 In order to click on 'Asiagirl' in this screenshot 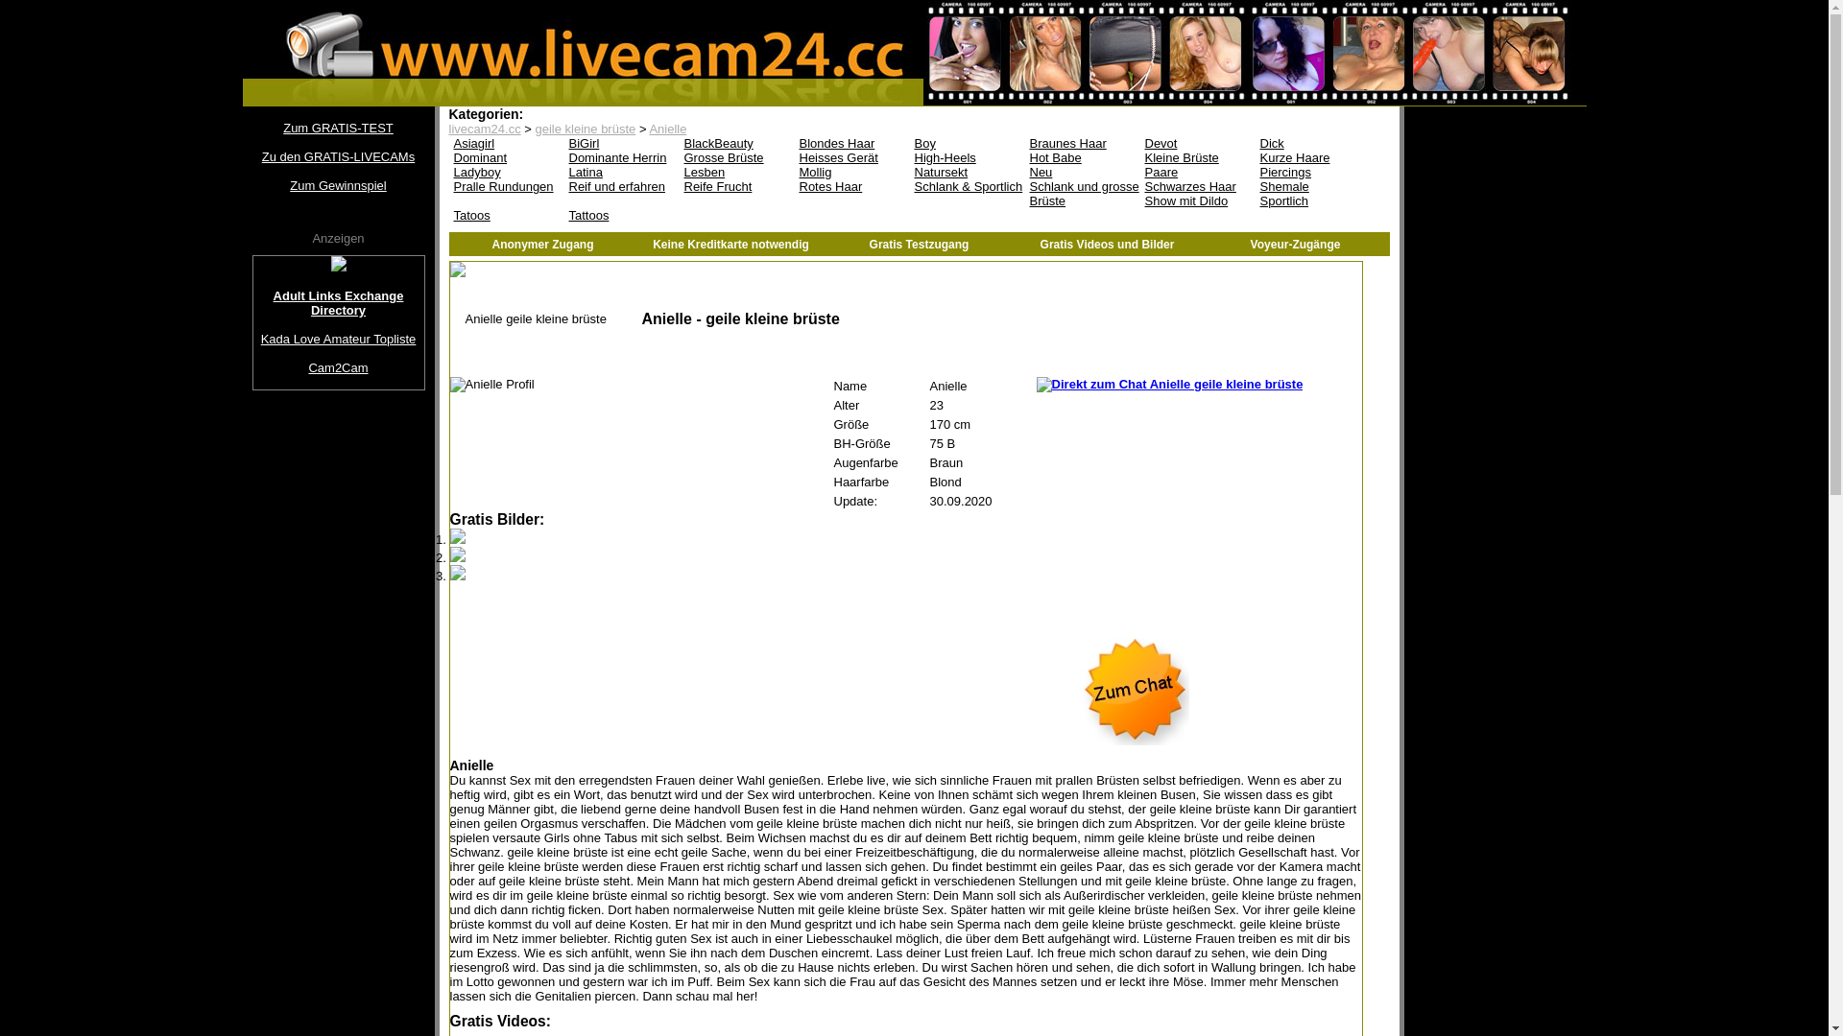, I will do `click(507, 142)`.